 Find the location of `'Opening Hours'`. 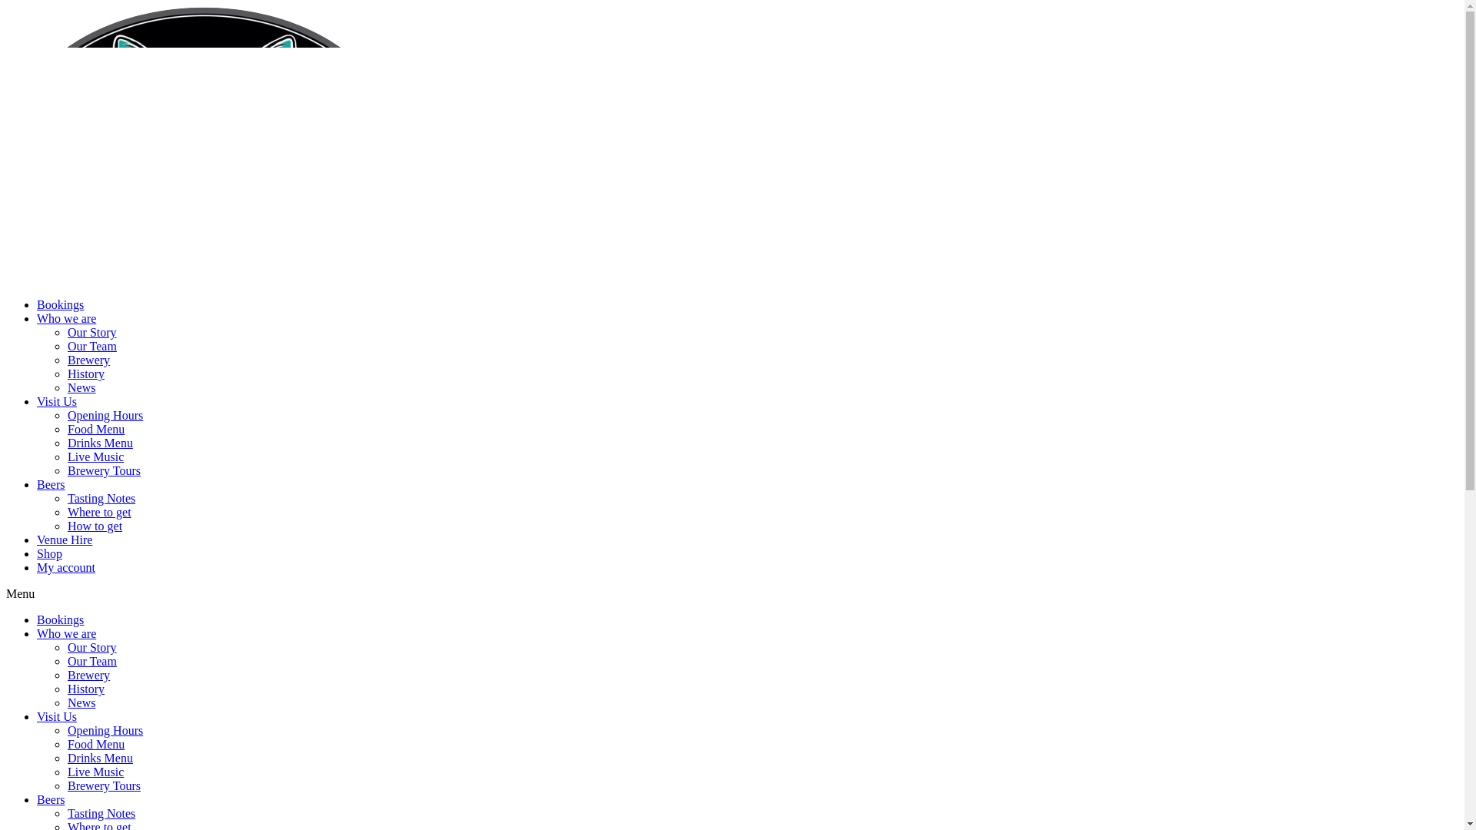

'Opening Hours' is located at coordinates (105, 415).